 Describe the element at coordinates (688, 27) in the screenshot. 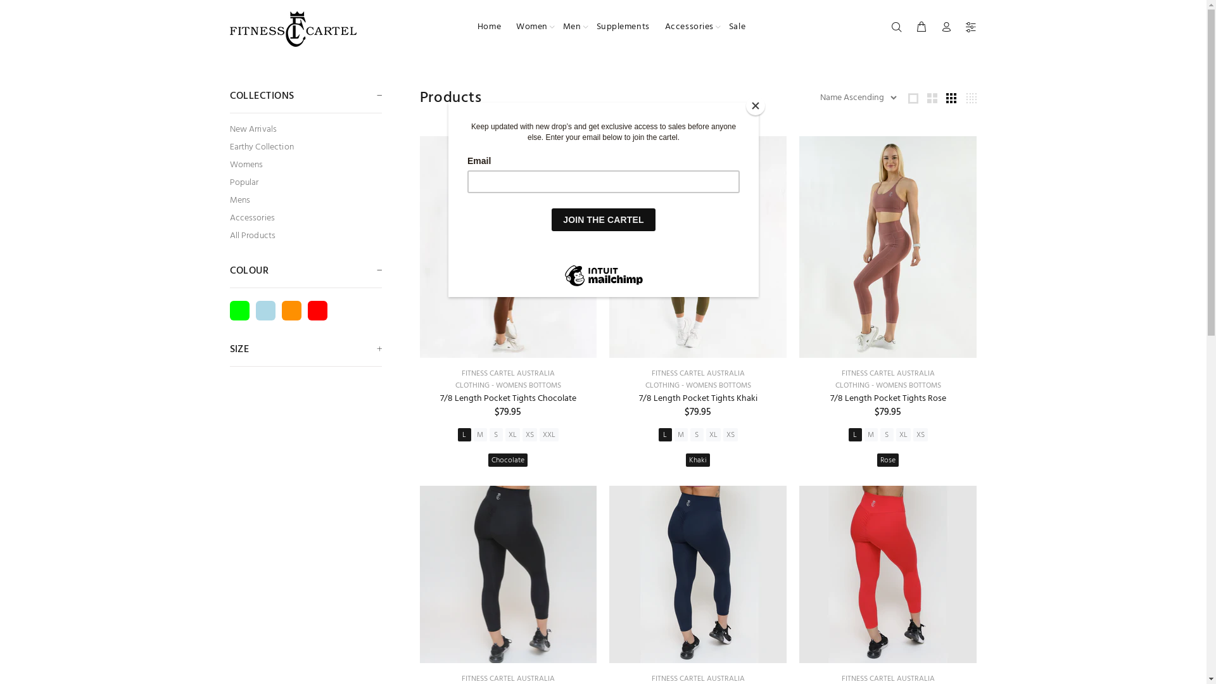

I see `'Accessories'` at that location.